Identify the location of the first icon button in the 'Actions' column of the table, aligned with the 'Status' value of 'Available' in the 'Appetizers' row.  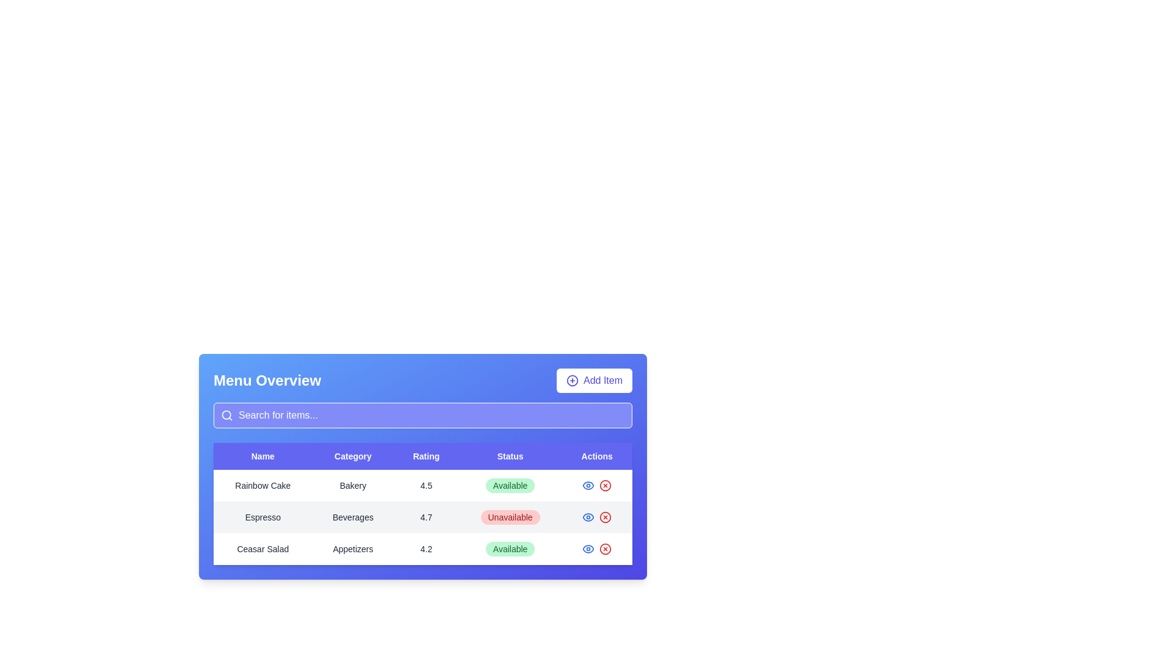
(588, 548).